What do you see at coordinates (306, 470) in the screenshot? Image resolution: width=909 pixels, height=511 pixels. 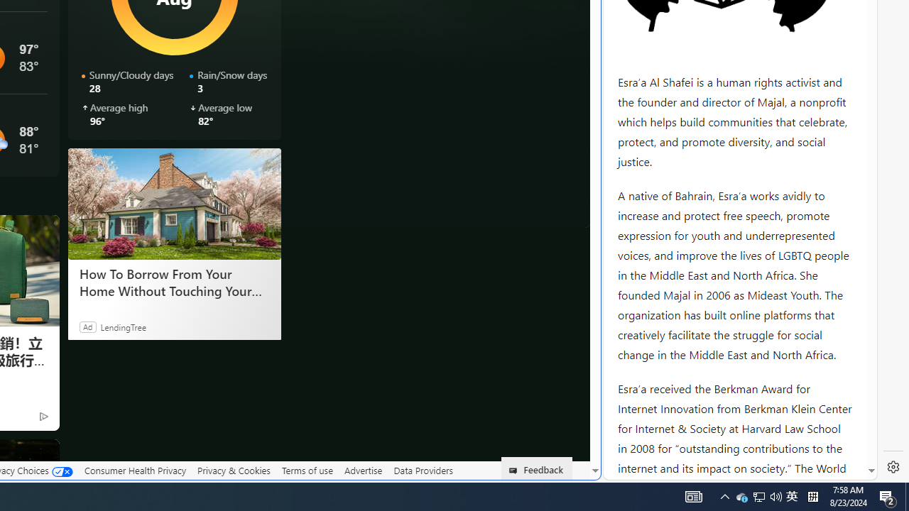 I see `'Terms of use'` at bounding box center [306, 470].